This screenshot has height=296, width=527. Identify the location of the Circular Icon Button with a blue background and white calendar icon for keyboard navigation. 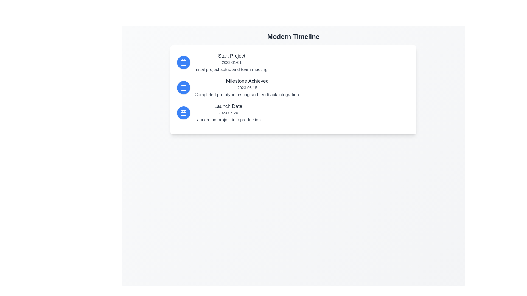
(183, 113).